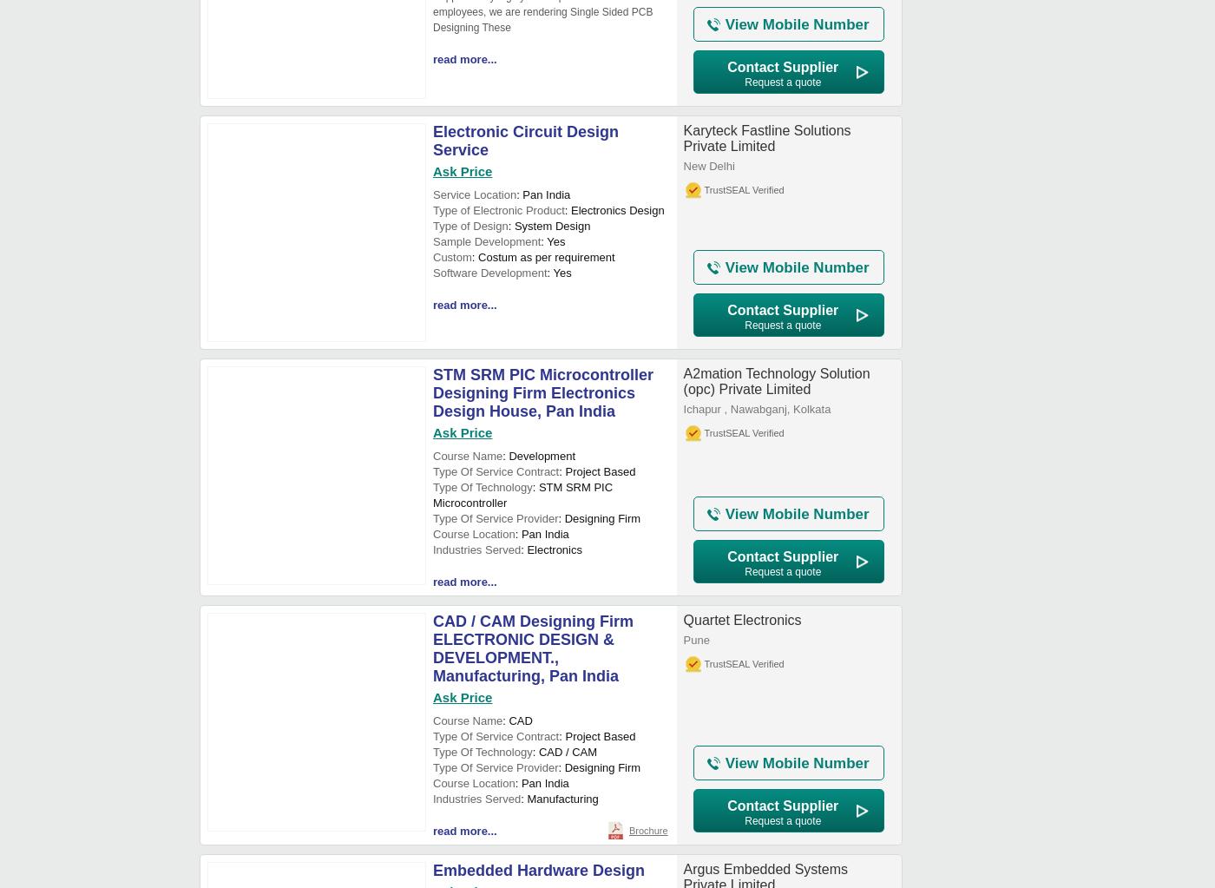 The image size is (1215, 888). Describe the element at coordinates (489, 272) in the screenshot. I see `'Software Development'` at that location.